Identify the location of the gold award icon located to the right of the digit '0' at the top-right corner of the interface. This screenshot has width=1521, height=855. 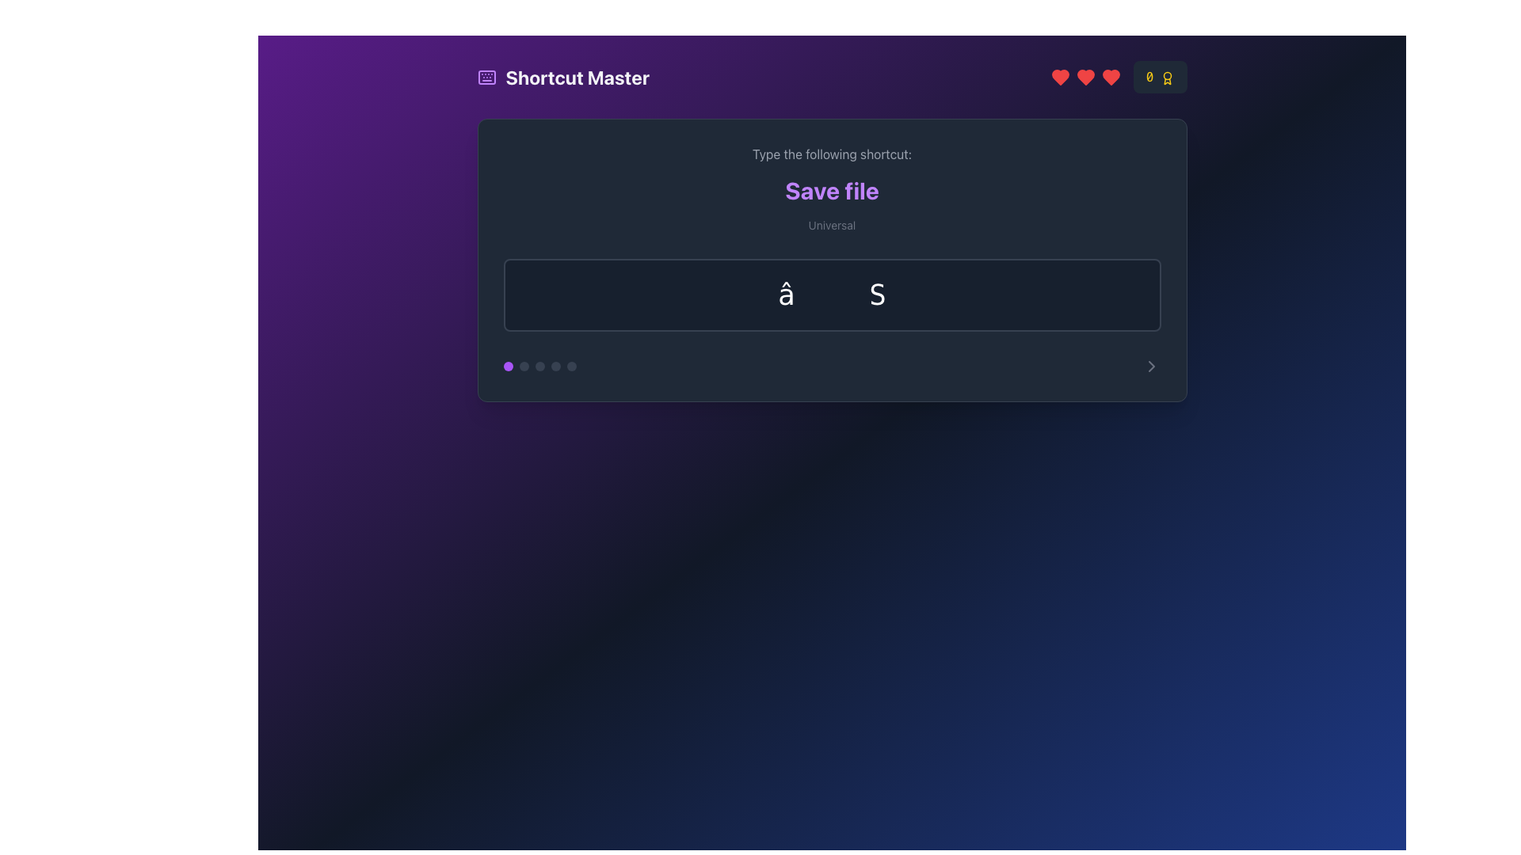
(1167, 78).